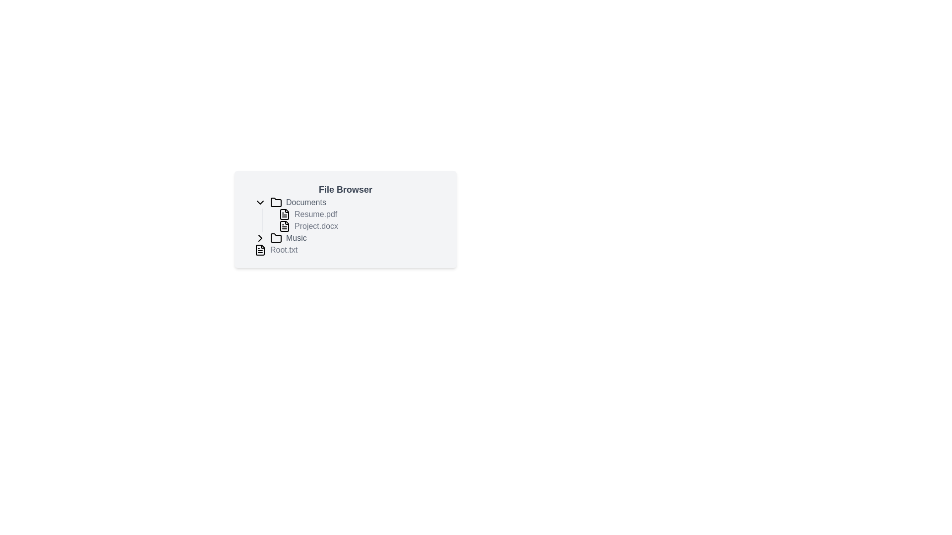  Describe the element at coordinates (361, 226) in the screenshot. I see `on the file item 'Project.docx' in the file browser` at that location.